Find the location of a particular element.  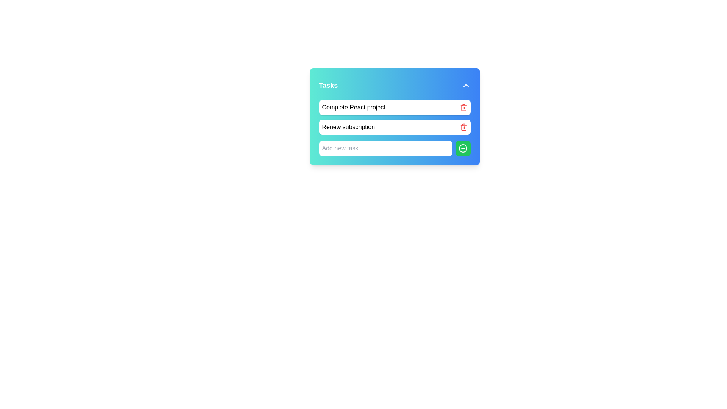

the Circular SVG shape representing a plus sign, located in the bottom-right corner of the task management widget, adjacent to the 'Add new task' input field is located at coordinates (462, 148).